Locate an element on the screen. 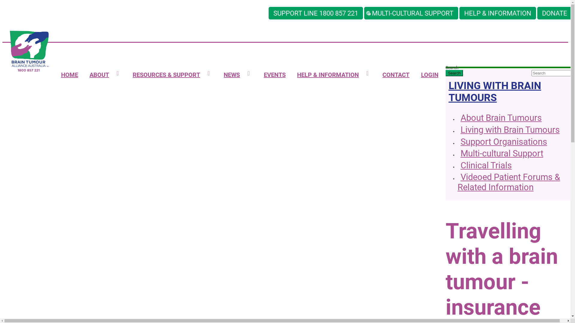 Image resolution: width=575 pixels, height=323 pixels. 'SUPPORT LINE 1800 857 221' is located at coordinates (315, 13).